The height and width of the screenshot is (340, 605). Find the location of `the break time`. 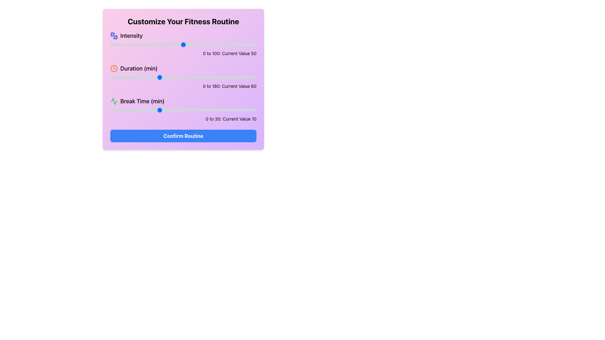

the break time is located at coordinates (208, 110).